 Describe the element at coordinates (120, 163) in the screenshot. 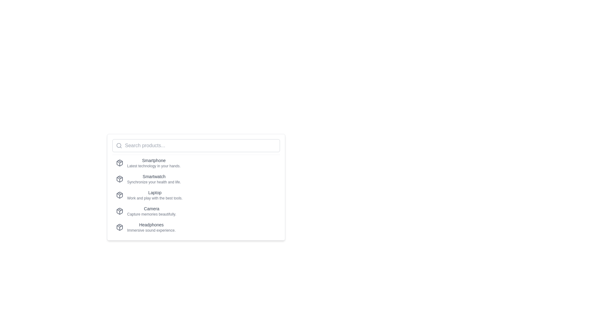

I see `the symmetrical box icon located to the left of the 'Smartphone' text label in the vertical list of items` at that location.